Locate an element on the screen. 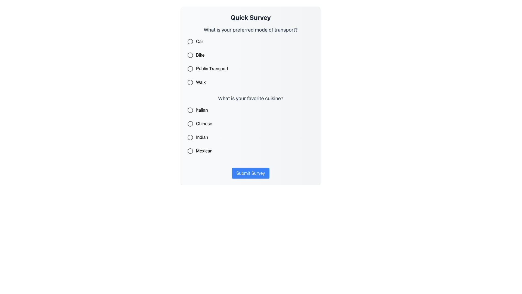  the third radio button in the second question group of the survey, associated with the label 'Chinese' is located at coordinates (190, 124).